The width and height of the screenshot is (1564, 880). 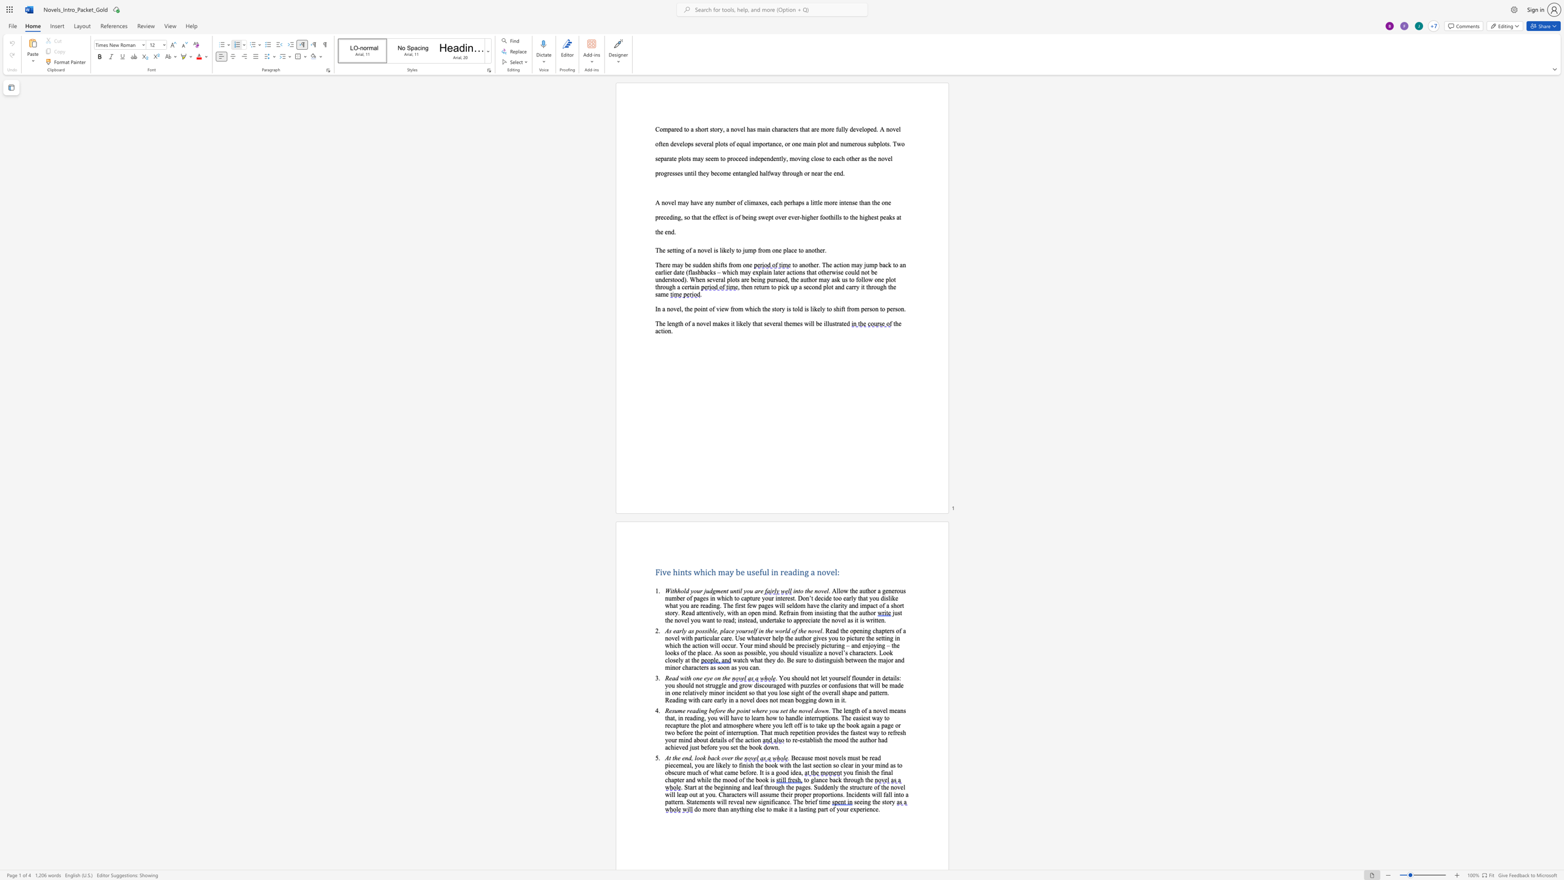 What do you see at coordinates (726, 717) in the screenshot?
I see `the space between the continuous character "i" and "l" in the text` at bounding box center [726, 717].